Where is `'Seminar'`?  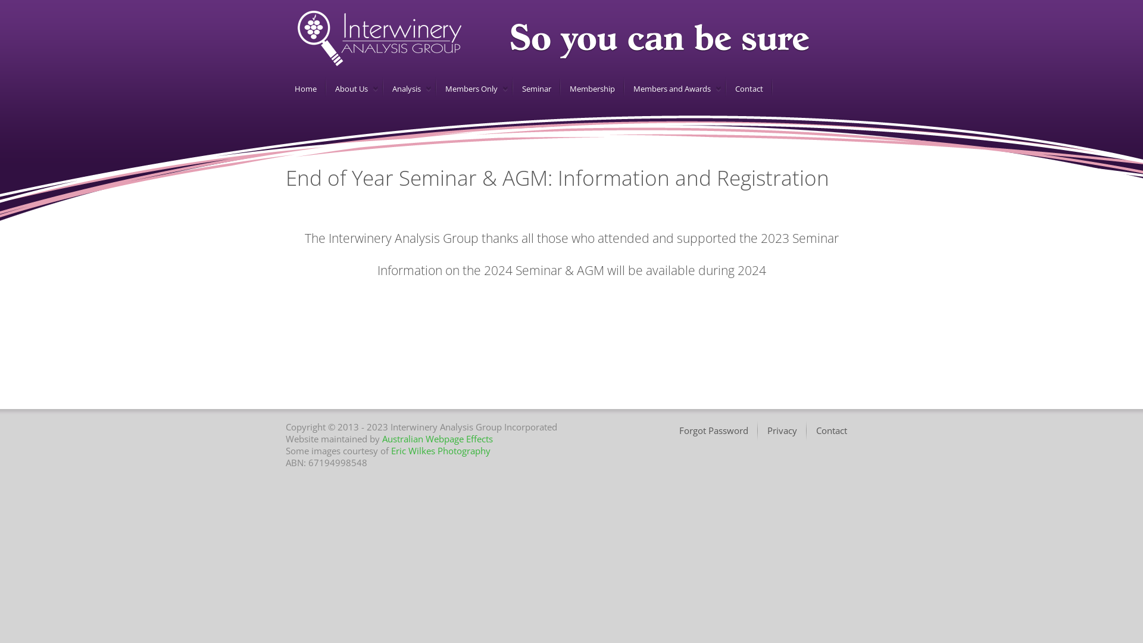
'Seminar' is located at coordinates (533, 88).